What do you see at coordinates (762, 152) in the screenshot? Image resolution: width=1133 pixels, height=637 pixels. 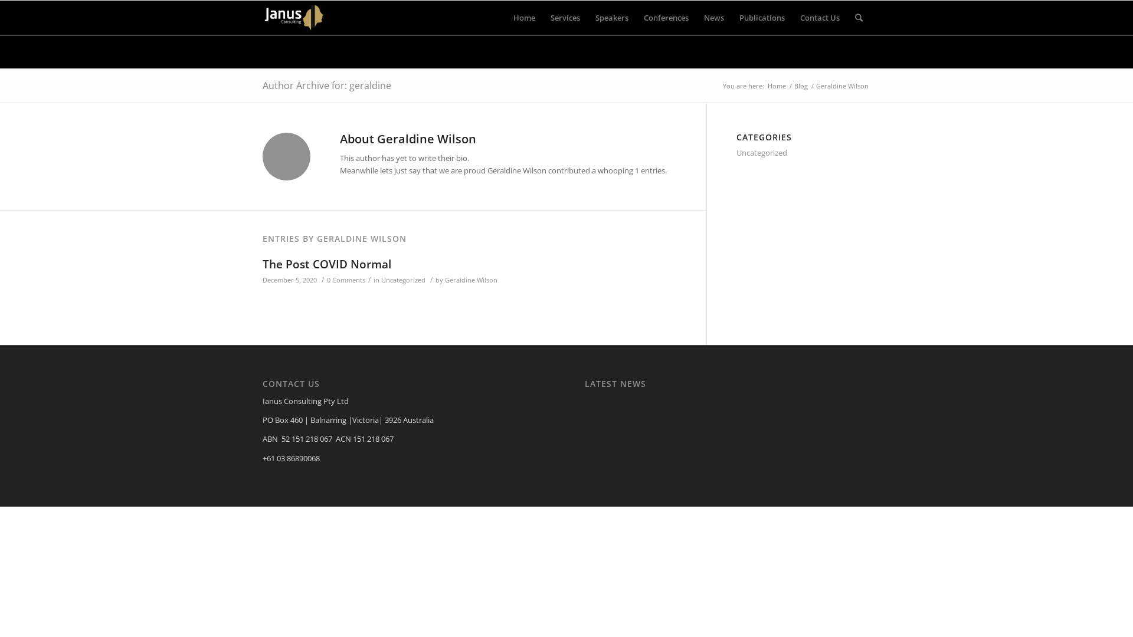 I see `'Uncategorized'` at bounding box center [762, 152].